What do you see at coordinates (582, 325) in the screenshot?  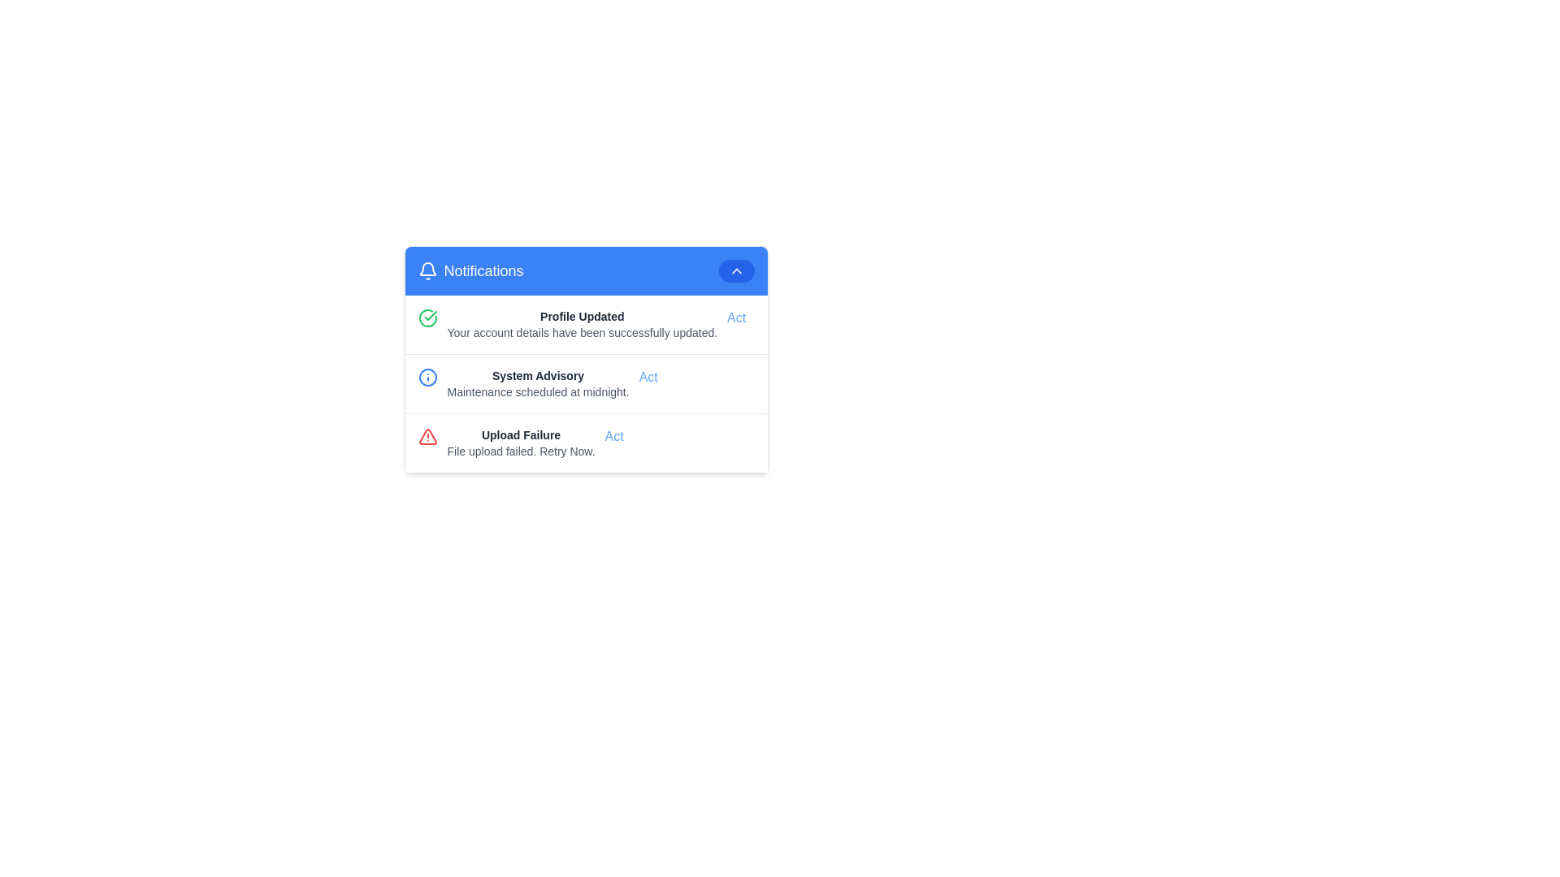 I see `the static text element displaying 'Profile Updated' and 'Your account details have been successfully updated.' positioned in the first notification entry` at bounding box center [582, 325].